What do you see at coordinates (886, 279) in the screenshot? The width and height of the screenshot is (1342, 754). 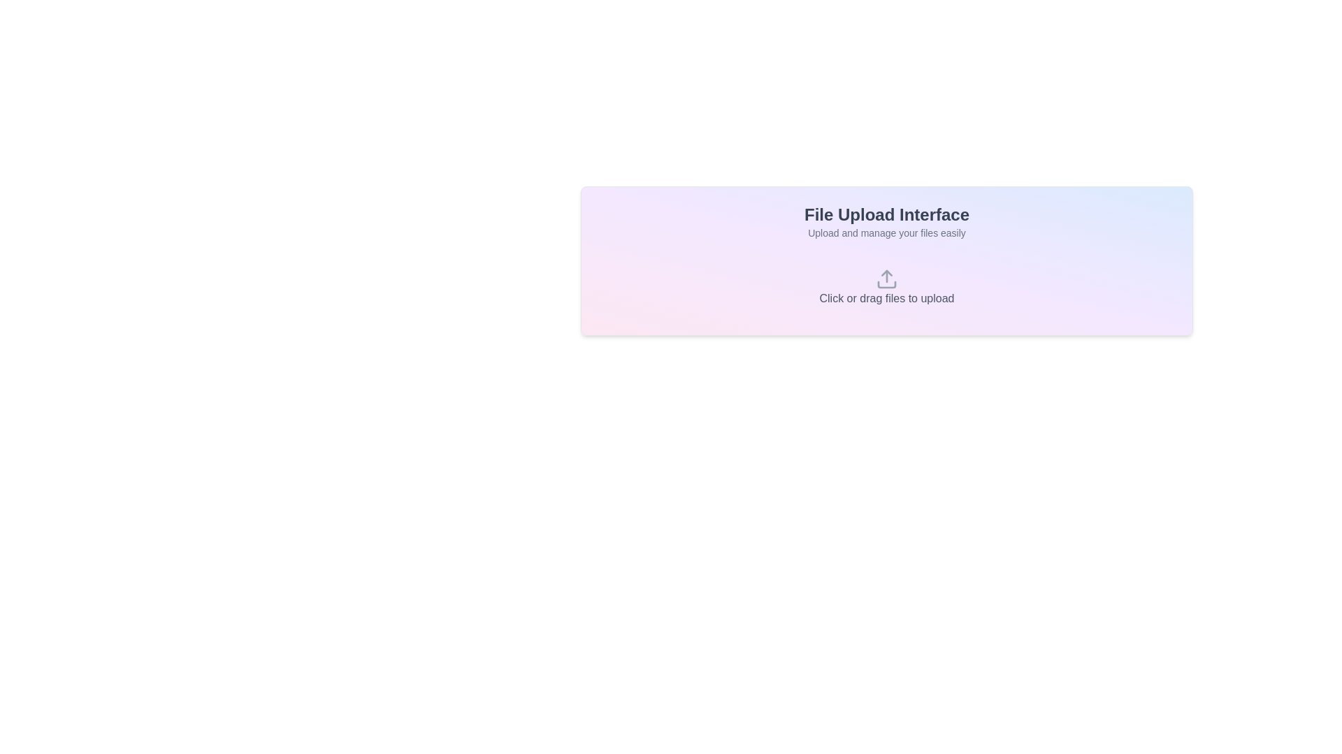 I see `the upload icon, which is a small upward-facing arrow in a U-shaped box, located centrally above the text 'Click or drag files to upload'` at bounding box center [886, 279].